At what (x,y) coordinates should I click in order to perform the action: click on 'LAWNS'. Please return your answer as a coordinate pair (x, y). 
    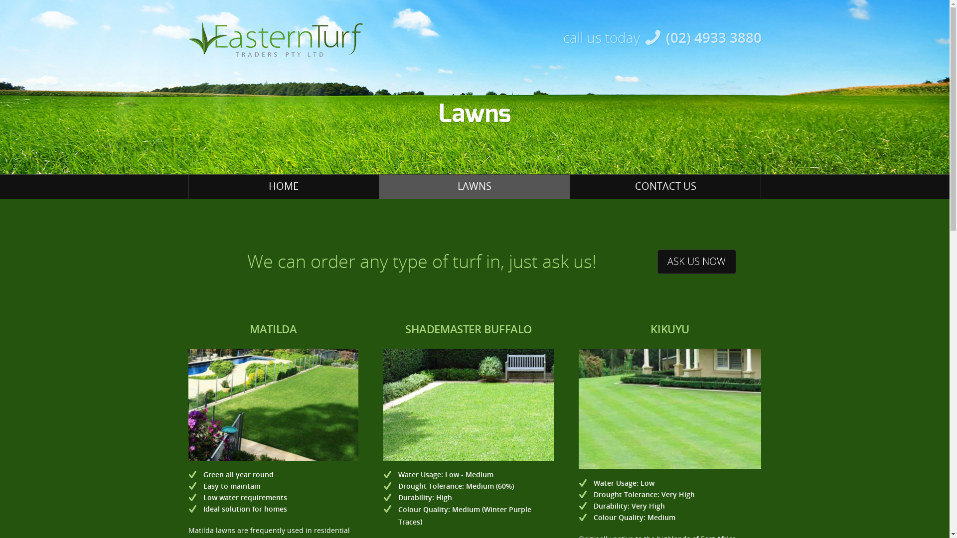
    Looking at the image, I should click on (474, 186).